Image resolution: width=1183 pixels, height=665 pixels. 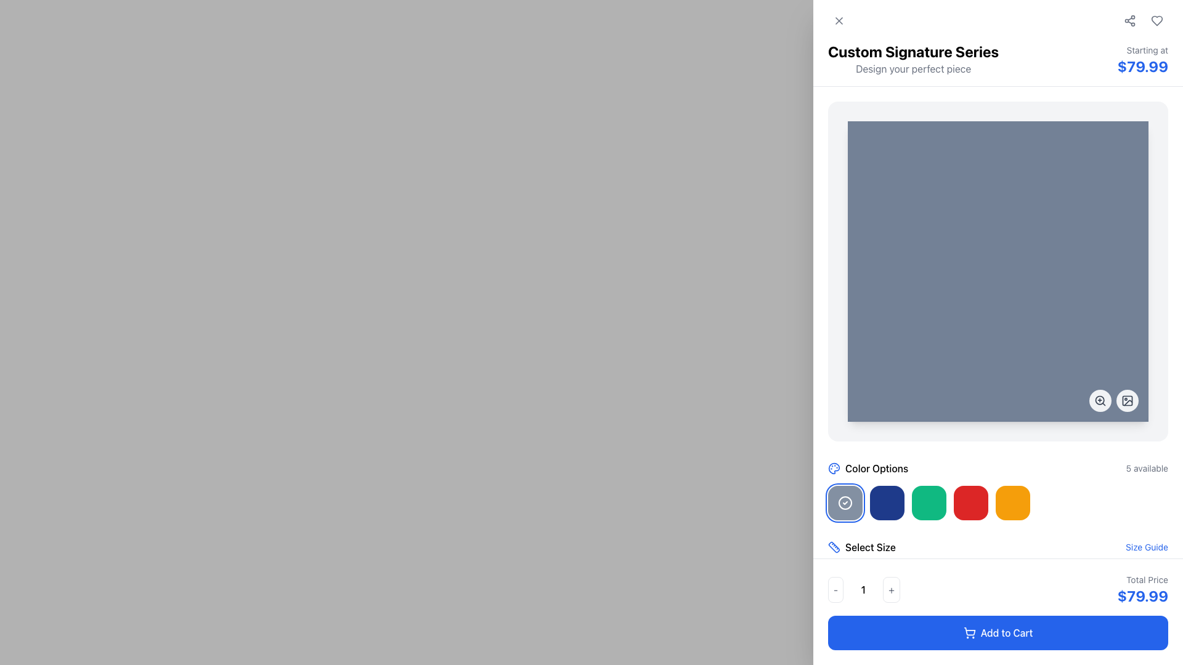 I want to click on the leftmost circular button located at the bottom-right of the product preview section, so click(x=1100, y=401).